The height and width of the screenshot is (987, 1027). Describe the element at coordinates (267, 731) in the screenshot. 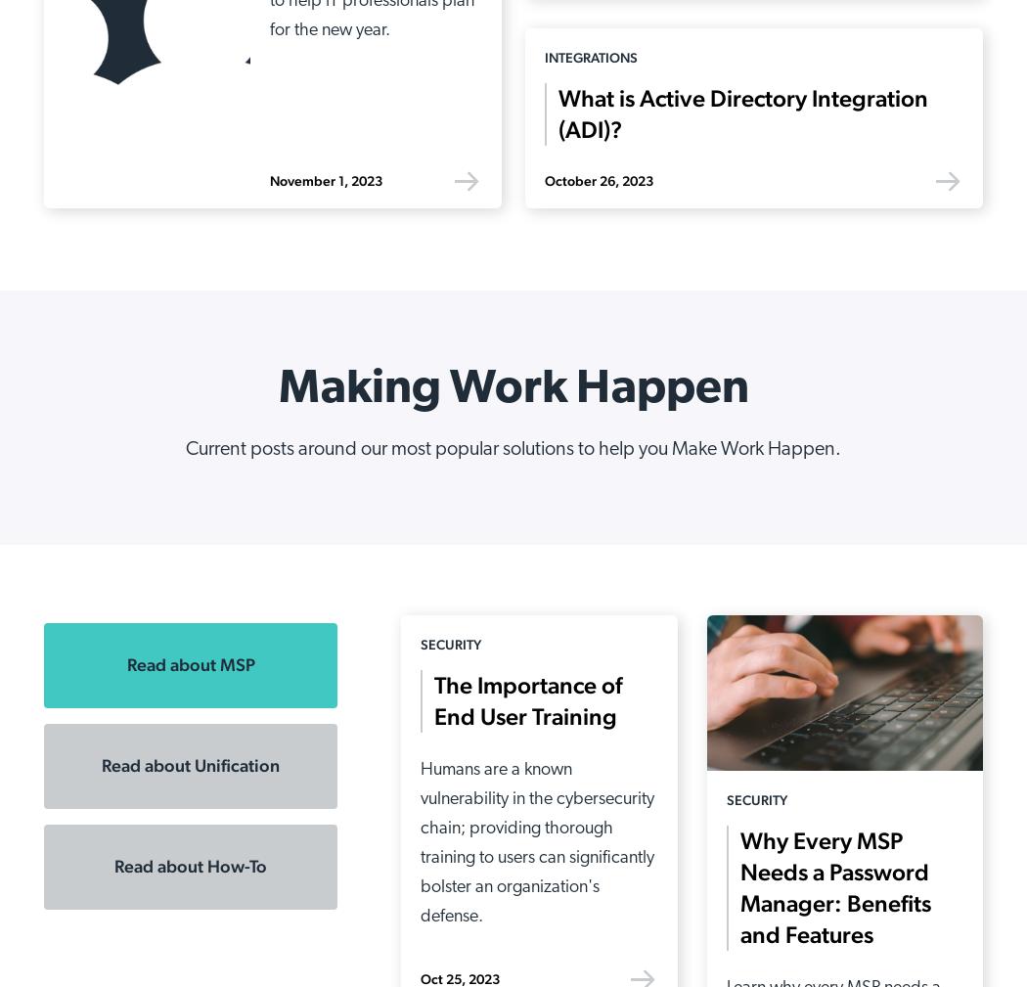

I see `'User Lifecycle Management'` at that location.